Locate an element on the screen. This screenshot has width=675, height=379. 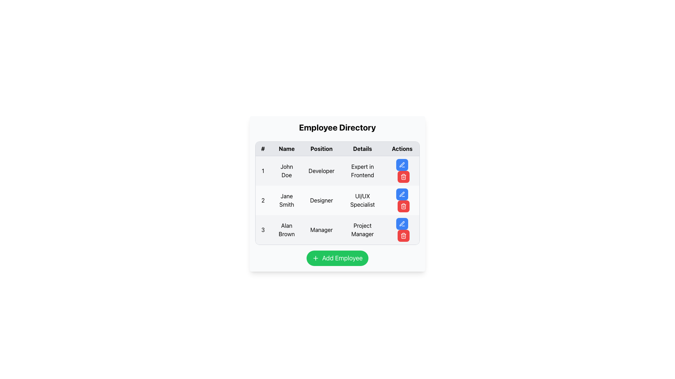
the blue button with a white pen icon located in the third row of the Actions column is located at coordinates (402, 224).